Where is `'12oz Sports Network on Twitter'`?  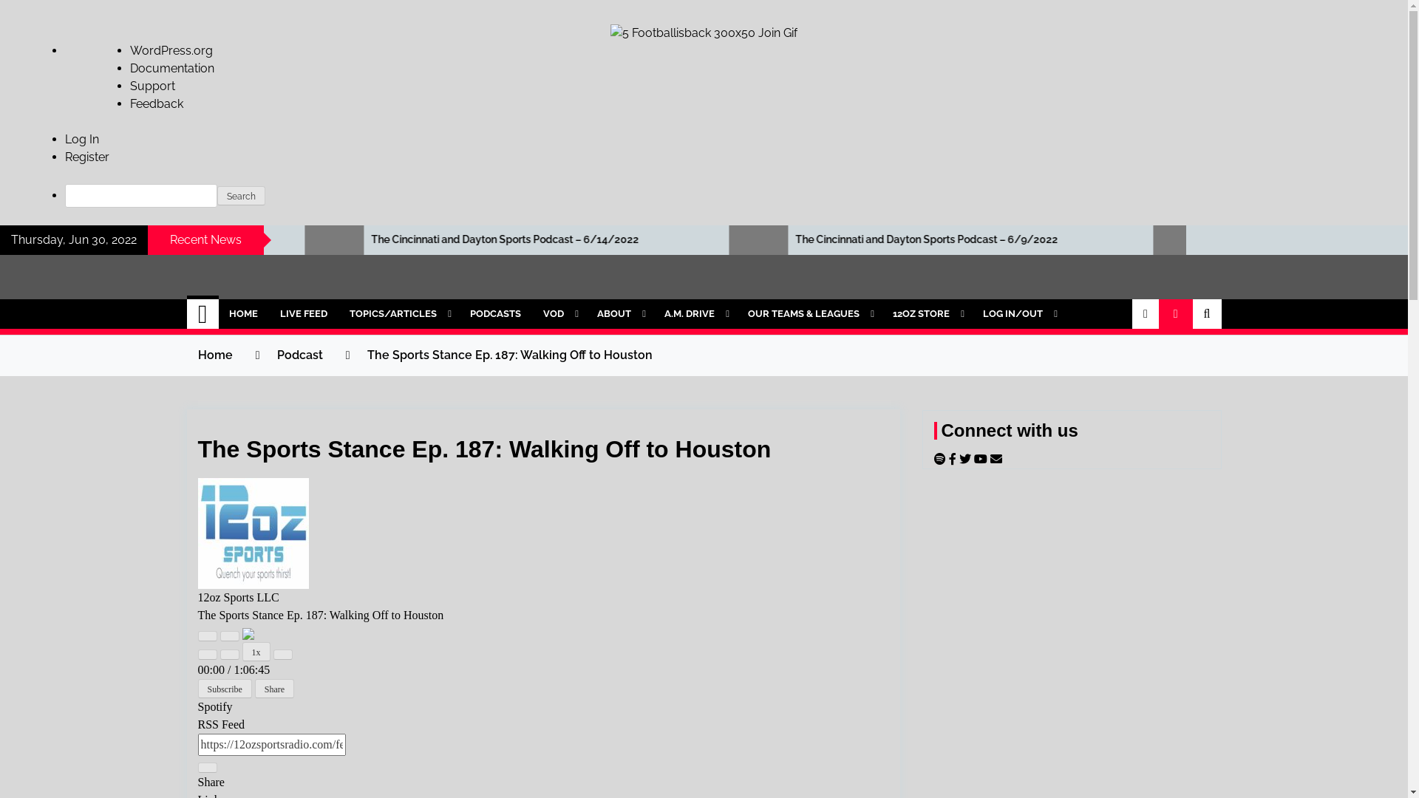 '12oz Sports Network on Twitter' is located at coordinates (959, 458).